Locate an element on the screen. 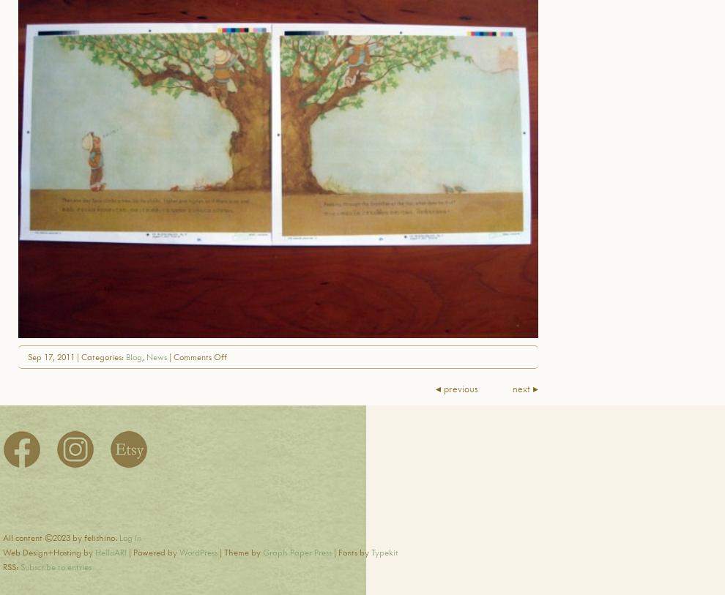  'Sep 17, 2011 | Categories:' is located at coordinates (76, 356).